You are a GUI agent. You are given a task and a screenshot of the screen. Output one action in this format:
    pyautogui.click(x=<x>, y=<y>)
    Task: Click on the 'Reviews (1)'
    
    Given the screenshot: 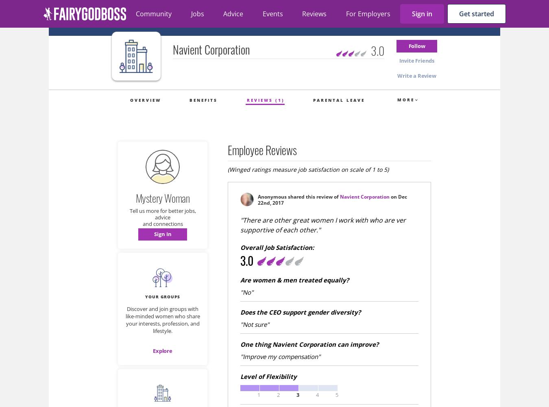 What is the action you would take?
    pyautogui.click(x=266, y=100)
    